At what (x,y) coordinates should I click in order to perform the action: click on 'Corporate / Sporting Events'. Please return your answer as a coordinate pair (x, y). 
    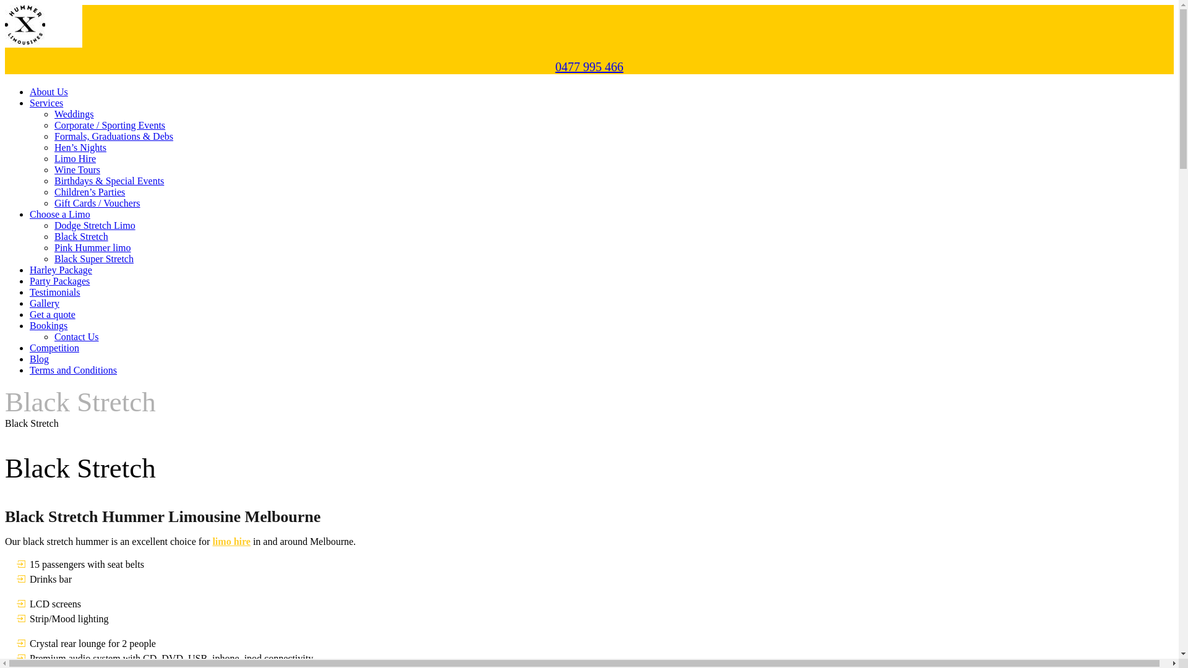
    Looking at the image, I should click on (110, 125).